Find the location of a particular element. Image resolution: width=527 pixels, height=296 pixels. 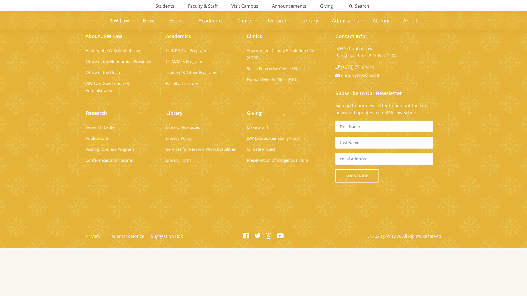

'Social Enterprise Clinic (SEC)' is located at coordinates (273, 68).